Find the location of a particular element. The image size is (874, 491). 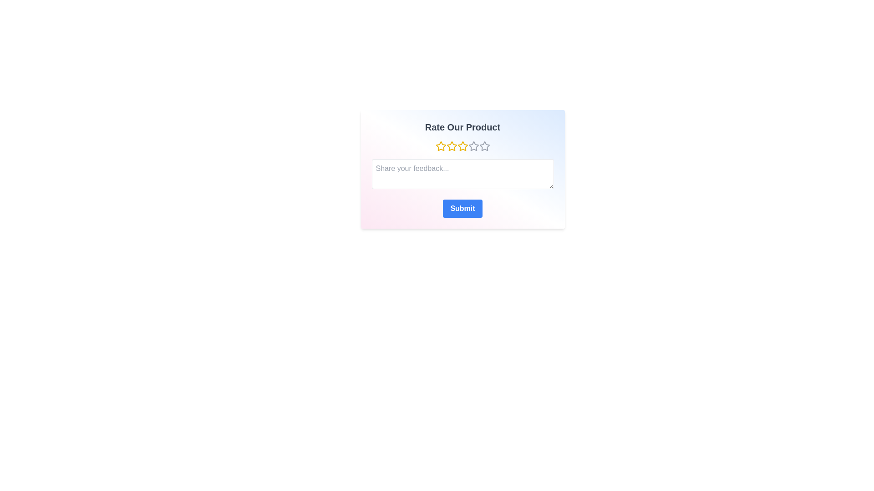

the star corresponding to 3 to preview the rating is located at coordinates (462, 145).